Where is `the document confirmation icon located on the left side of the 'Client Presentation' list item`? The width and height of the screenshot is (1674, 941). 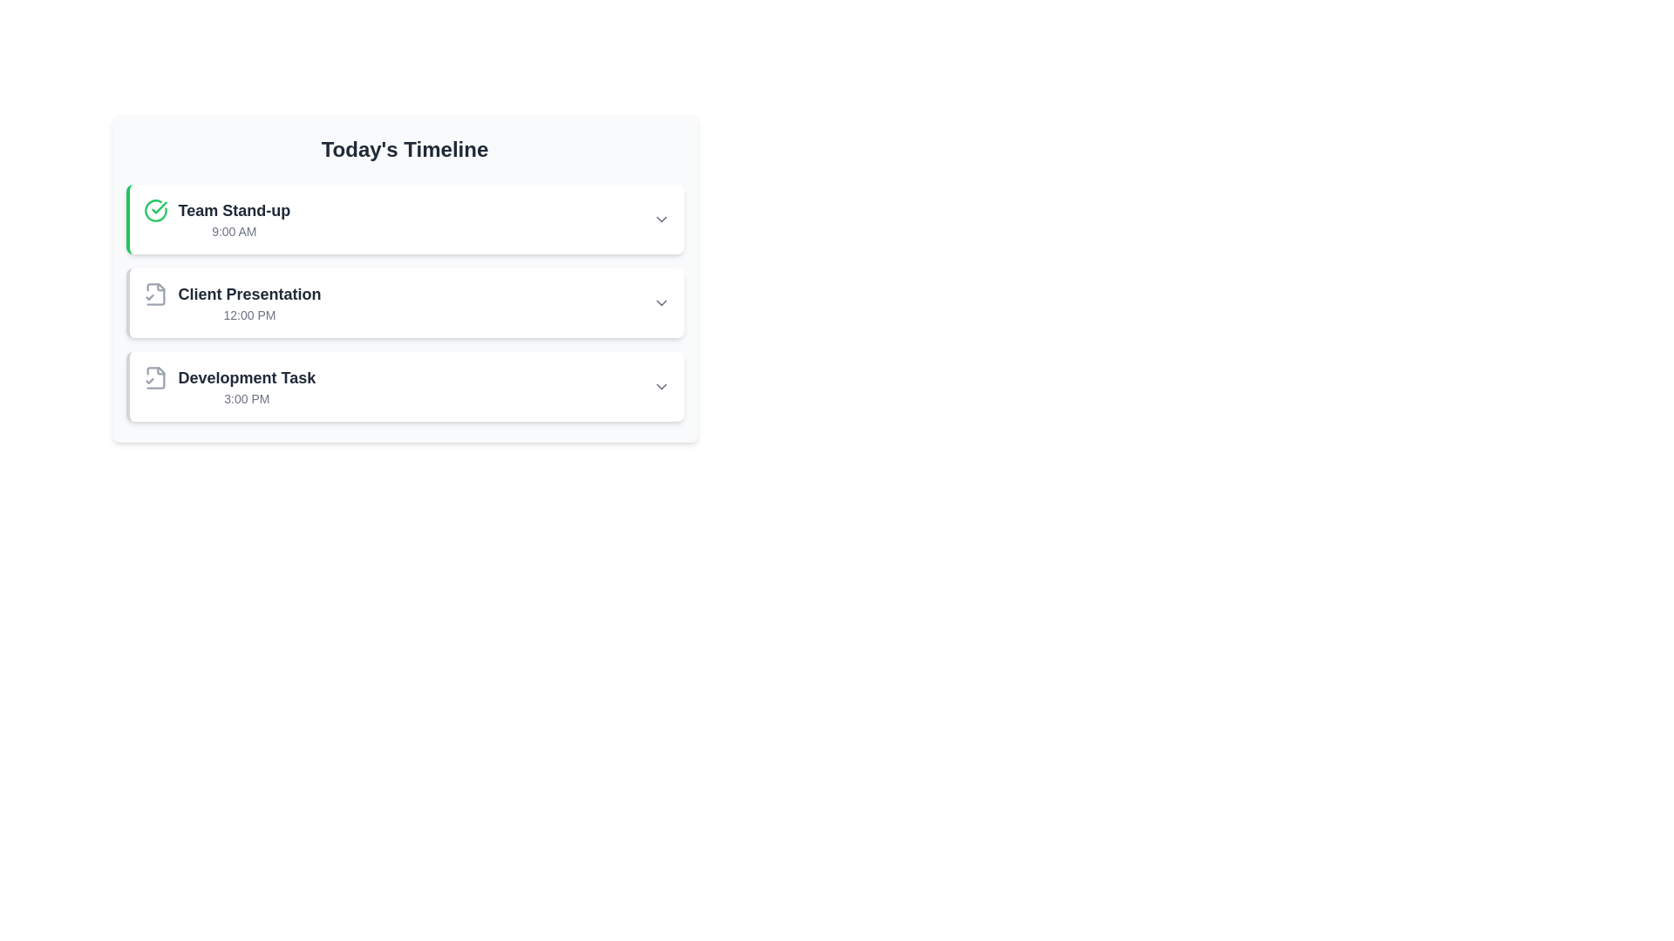
the document confirmation icon located on the left side of the 'Client Presentation' list item is located at coordinates (155, 294).